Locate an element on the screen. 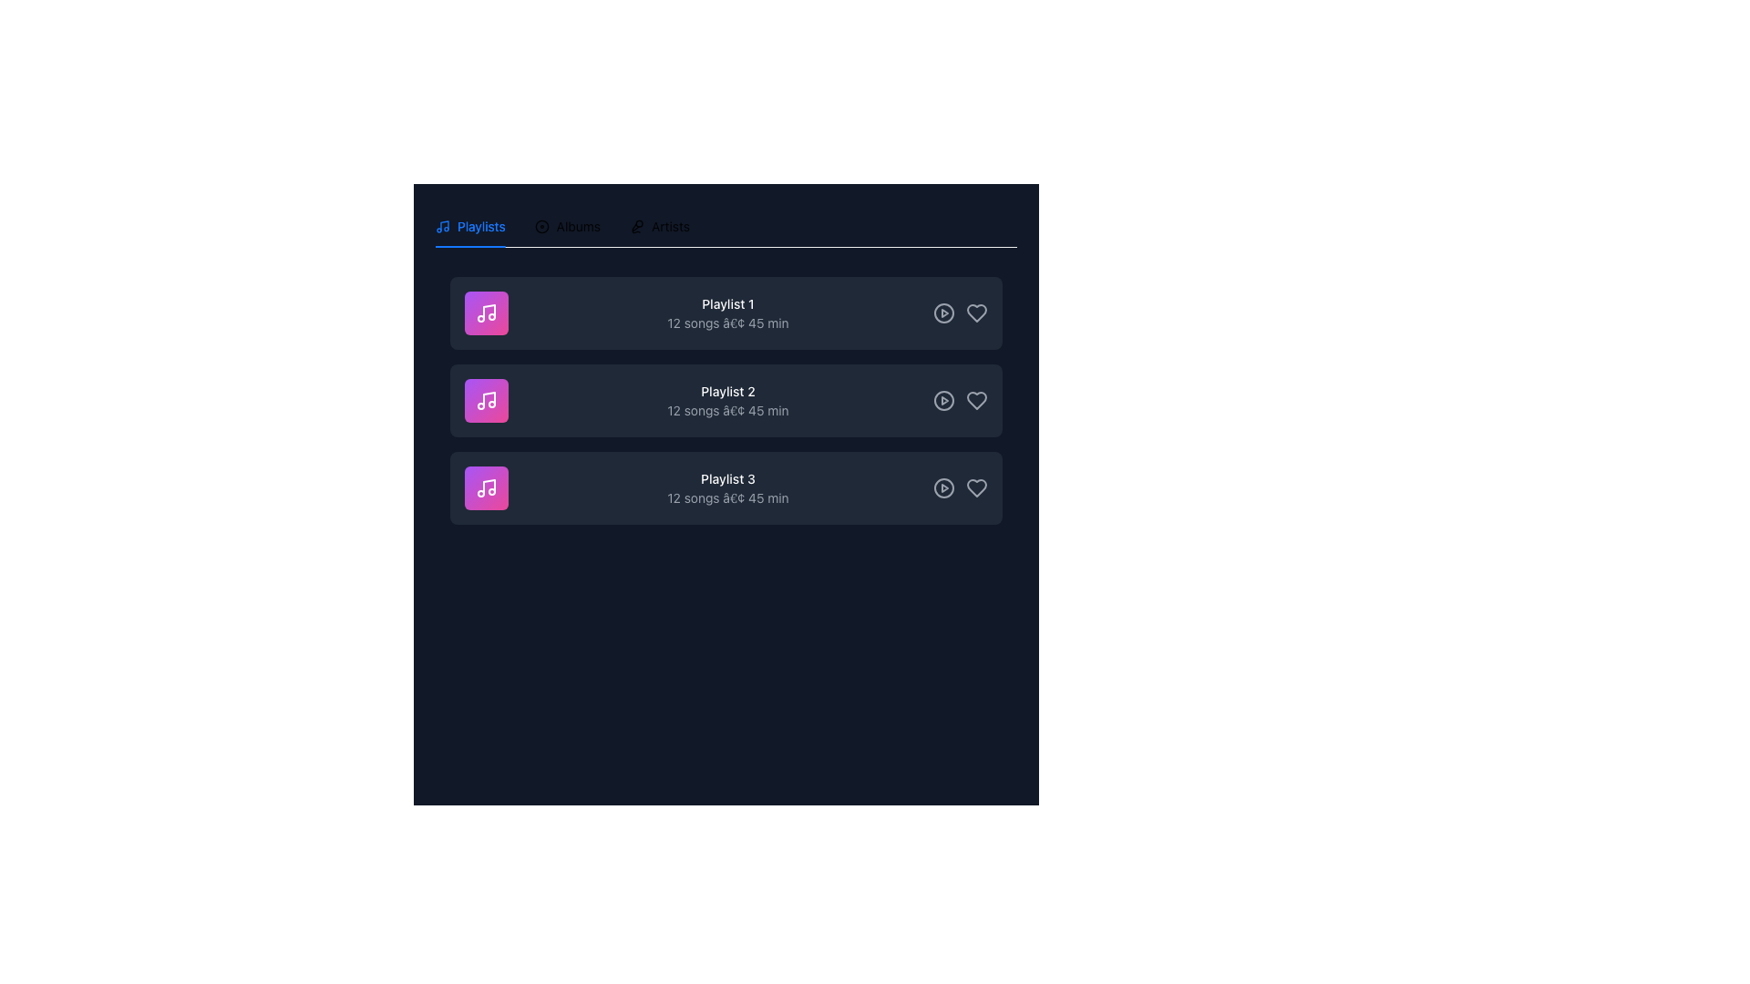 Image resolution: width=1750 pixels, height=984 pixels. to activate the Albums tab, which is the second tab in the navigation bar located between the 'Playlists' and 'Artists' tabs is located at coordinates (566, 226).